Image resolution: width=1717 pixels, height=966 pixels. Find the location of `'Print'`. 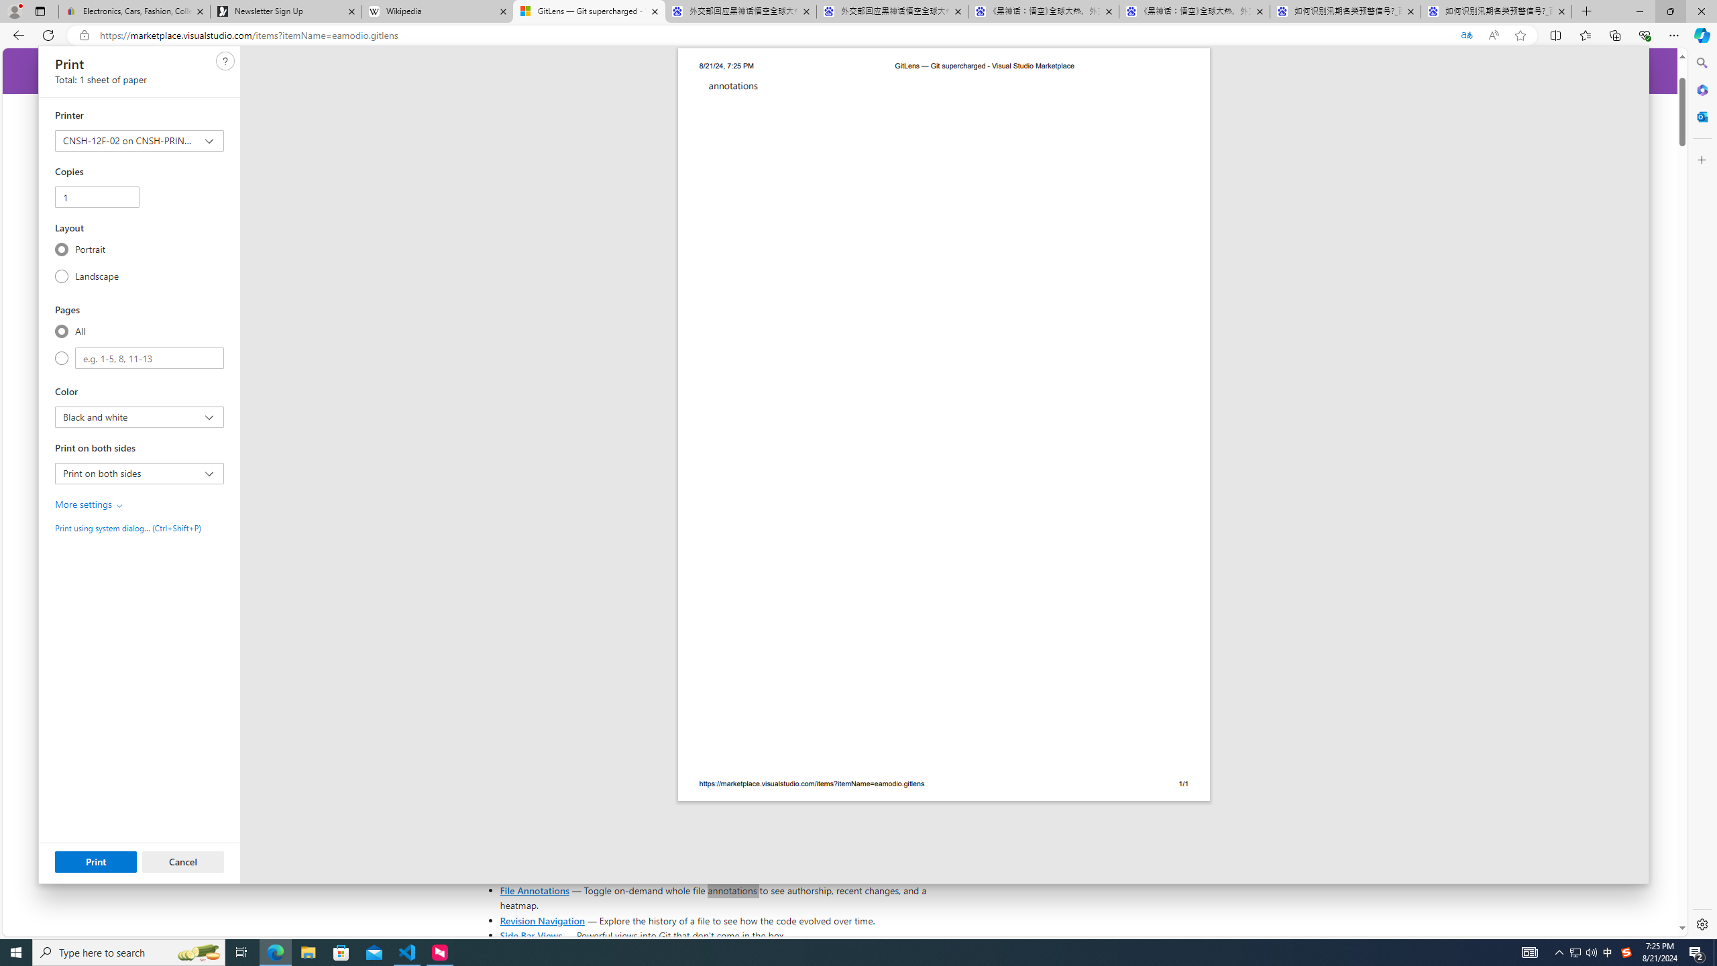

'Print' is located at coordinates (95, 861).